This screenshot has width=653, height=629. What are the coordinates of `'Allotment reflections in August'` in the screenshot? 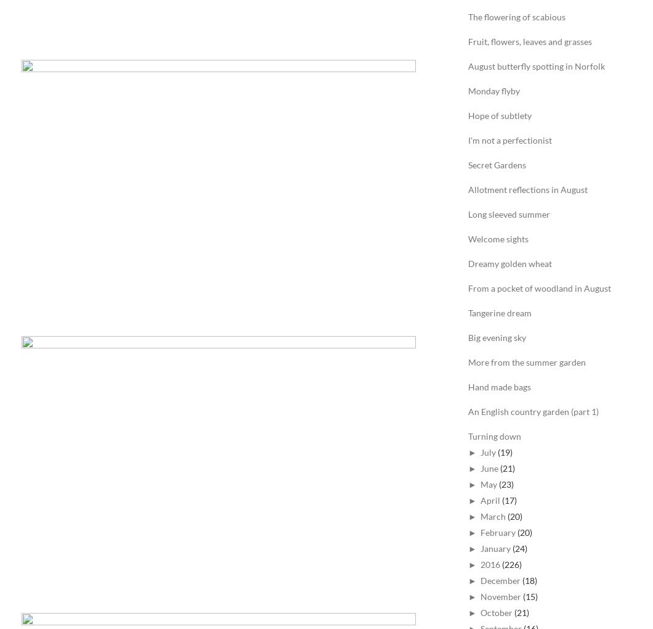 It's located at (468, 189).